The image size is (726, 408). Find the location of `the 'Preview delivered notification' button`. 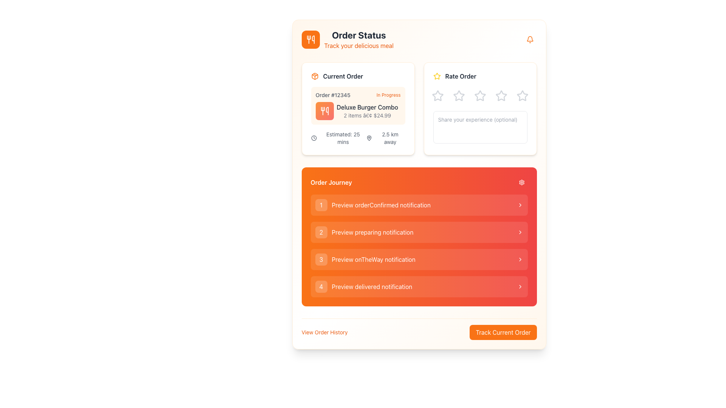

the 'Preview delivered notification' button is located at coordinates (419, 287).